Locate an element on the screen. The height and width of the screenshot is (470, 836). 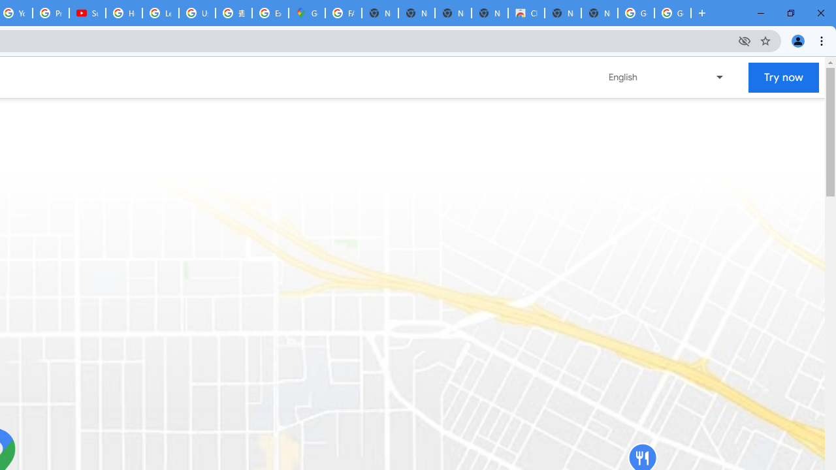
'Explore new street-level details - Google Maps Help' is located at coordinates (270, 13).